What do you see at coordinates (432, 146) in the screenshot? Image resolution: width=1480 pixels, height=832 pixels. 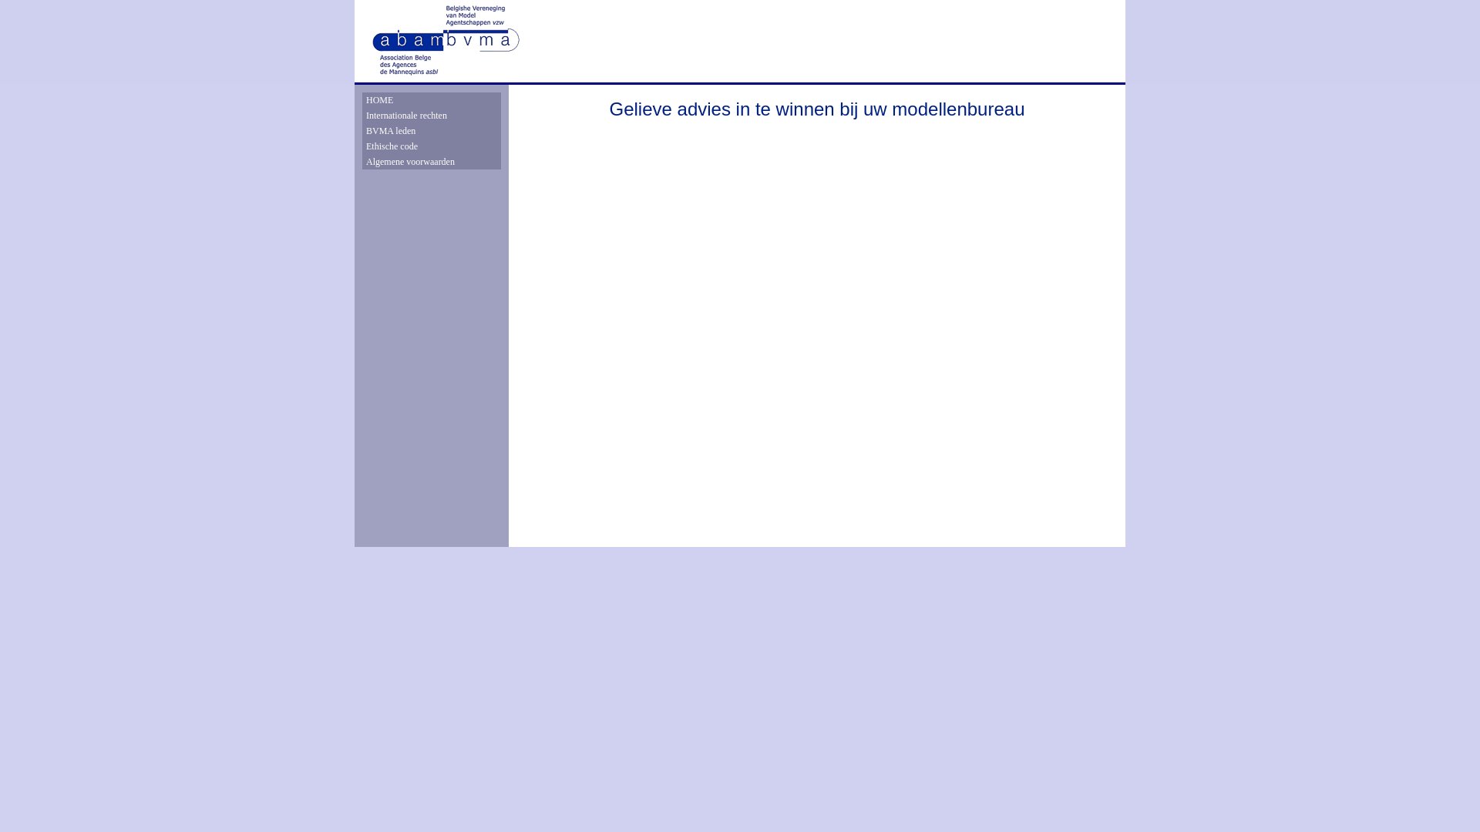 I see `'Ethische code'` at bounding box center [432, 146].